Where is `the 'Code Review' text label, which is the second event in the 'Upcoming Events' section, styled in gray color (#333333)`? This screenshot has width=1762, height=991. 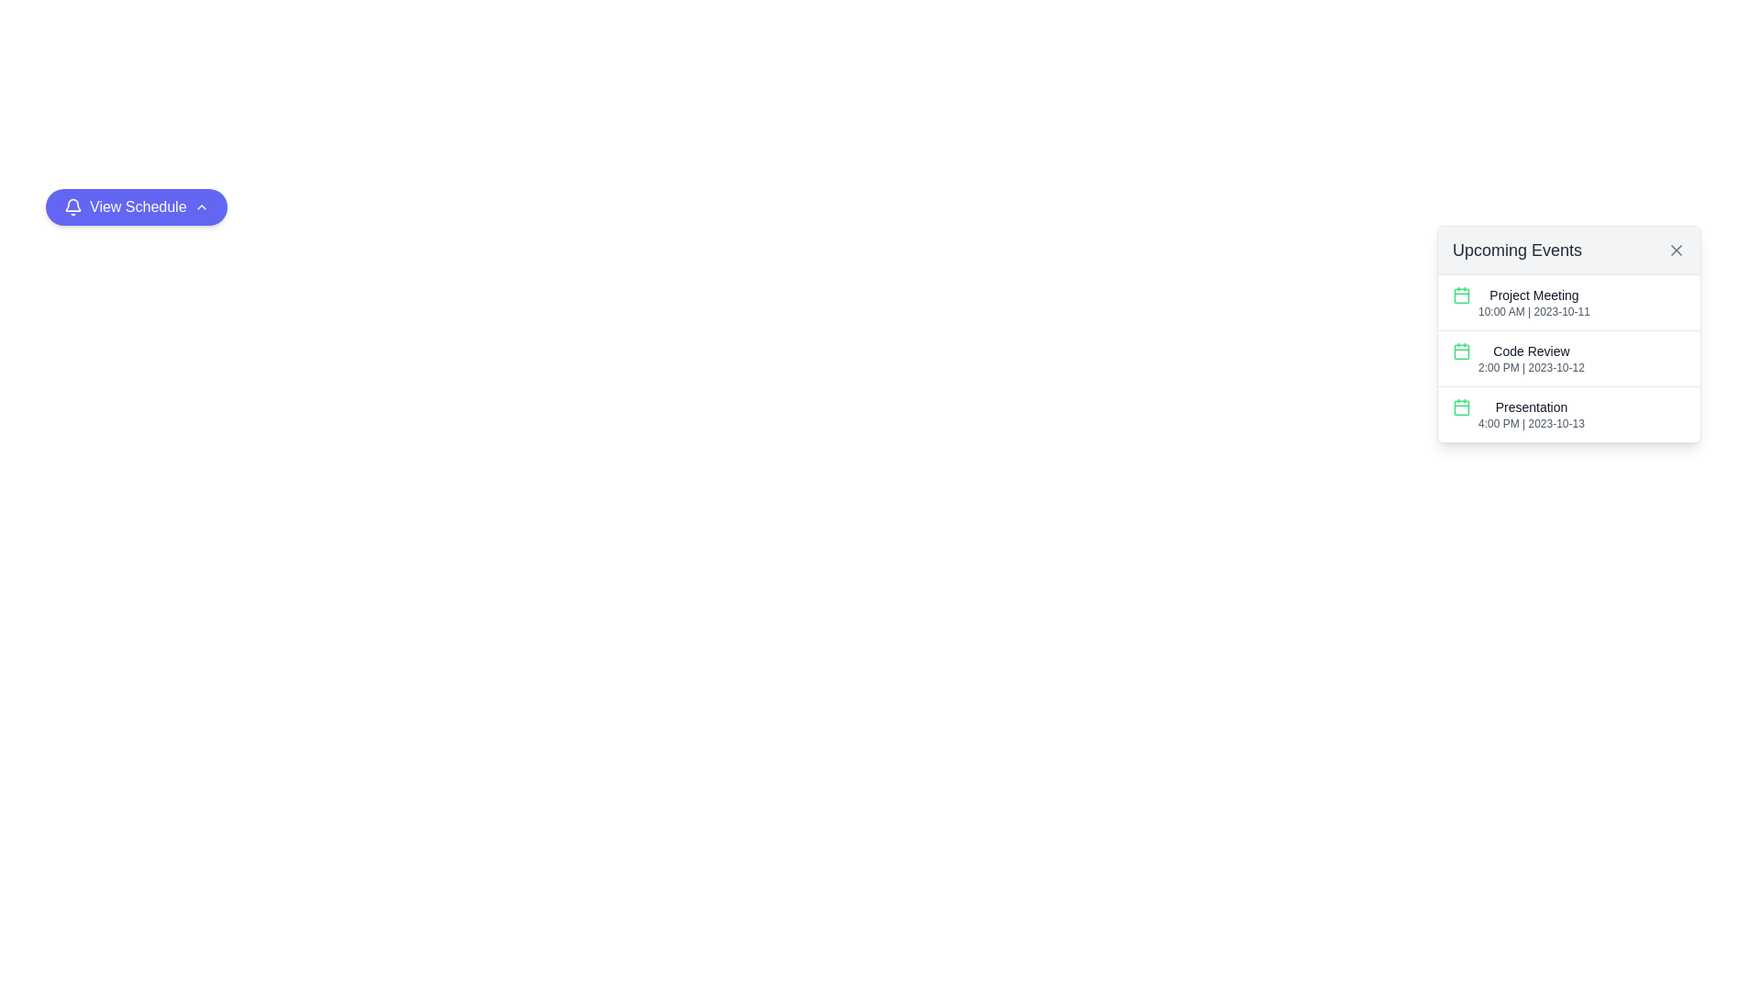
the 'Code Review' text label, which is the second event in the 'Upcoming Events' section, styled in gray color (#333333) is located at coordinates (1531, 351).